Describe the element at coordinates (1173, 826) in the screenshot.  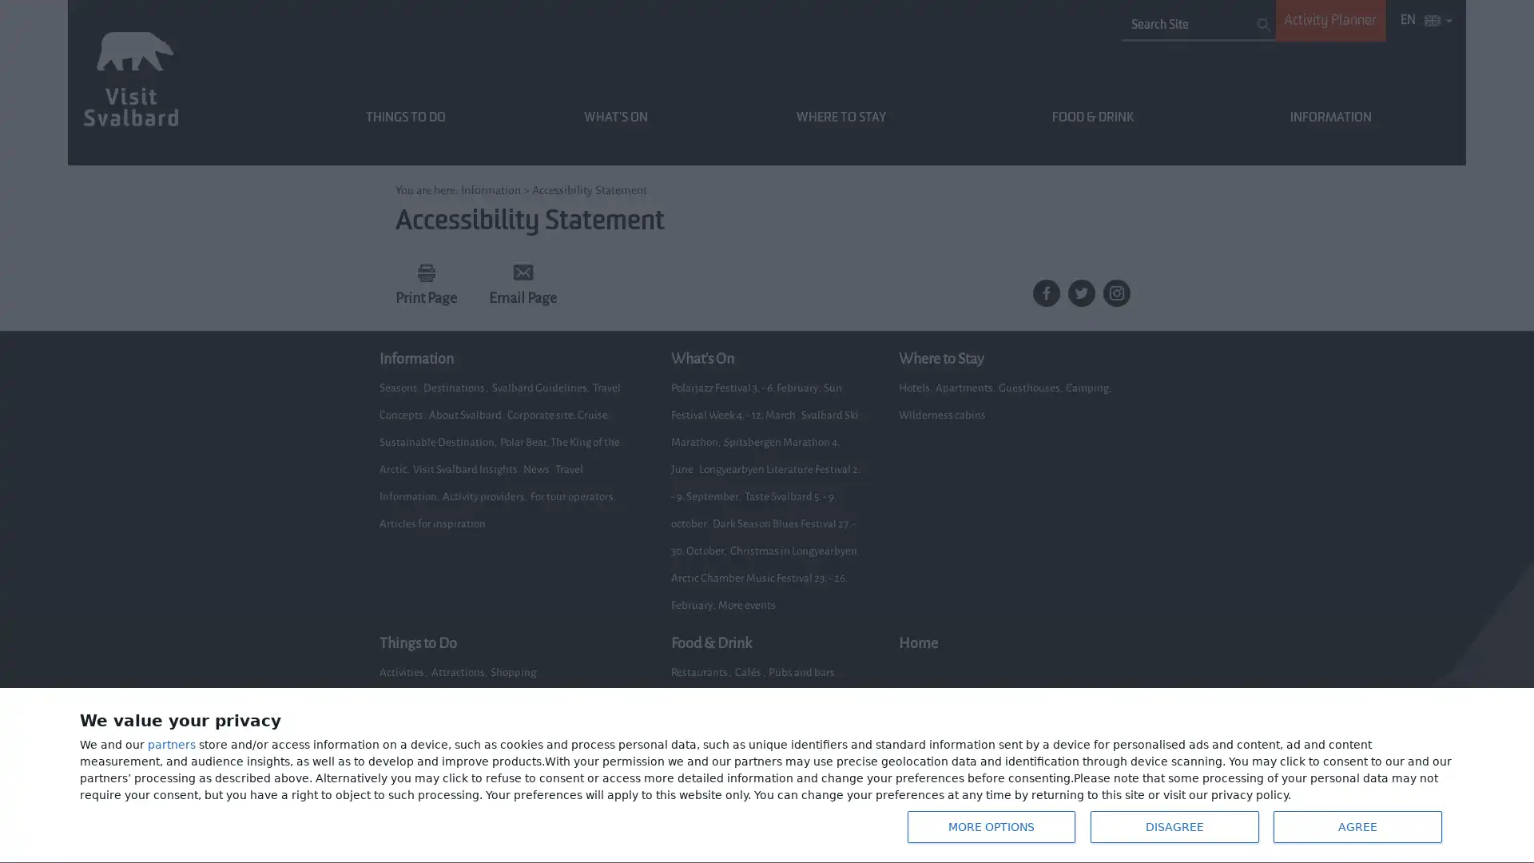
I see `DISAGREE` at that location.